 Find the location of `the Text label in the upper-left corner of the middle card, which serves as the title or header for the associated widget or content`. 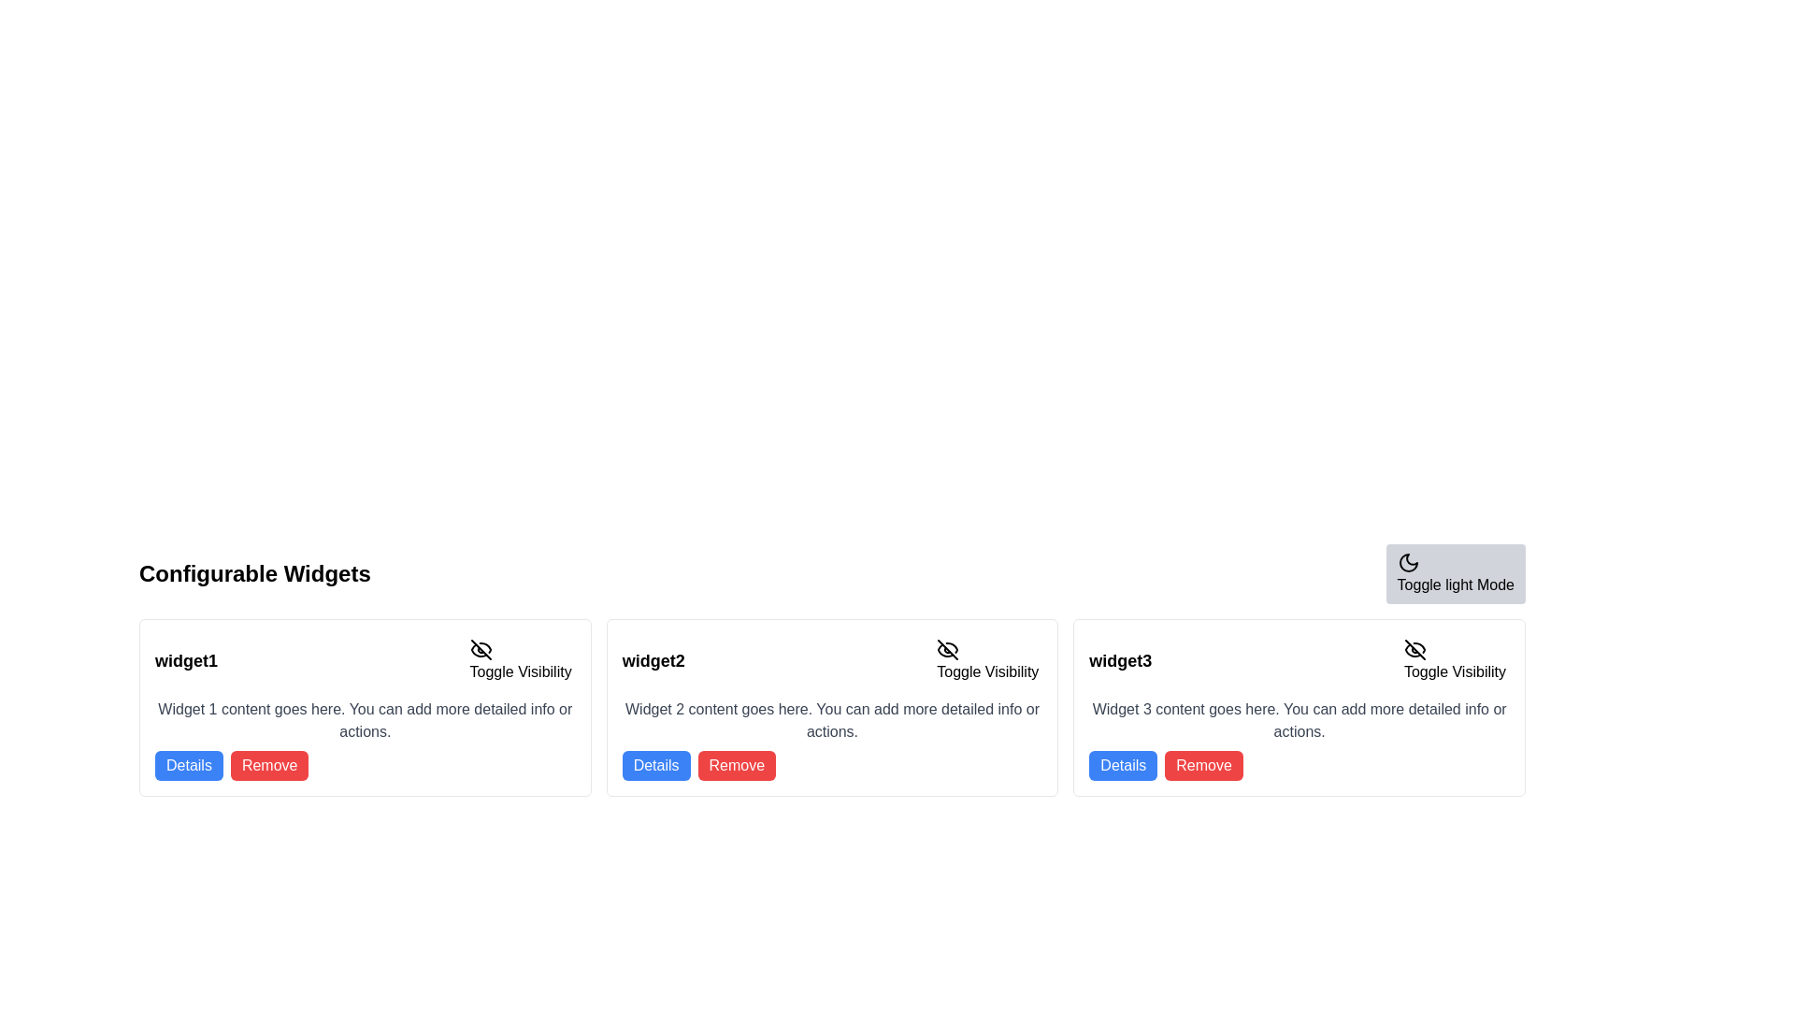

the Text label in the upper-left corner of the middle card, which serves as the title or header for the associated widget or content is located at coordinates (653, 659).